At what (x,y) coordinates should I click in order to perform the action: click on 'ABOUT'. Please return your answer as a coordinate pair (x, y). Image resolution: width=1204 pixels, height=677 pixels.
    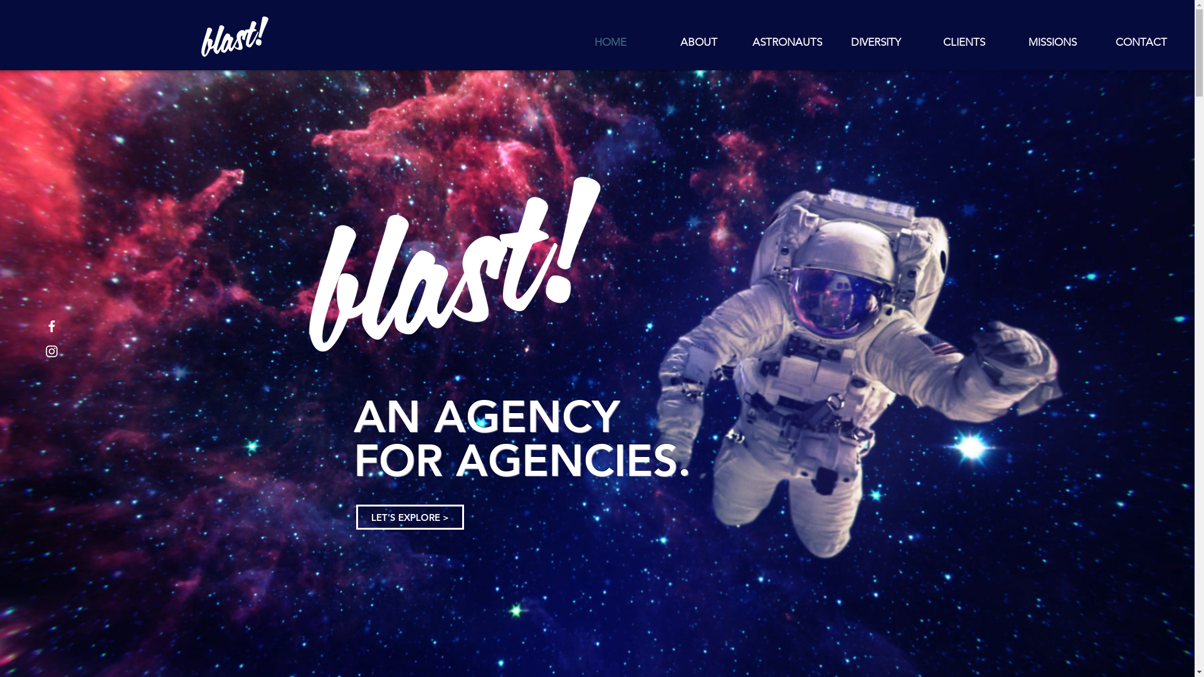
    Looking at the image, I should click on (698, 41).